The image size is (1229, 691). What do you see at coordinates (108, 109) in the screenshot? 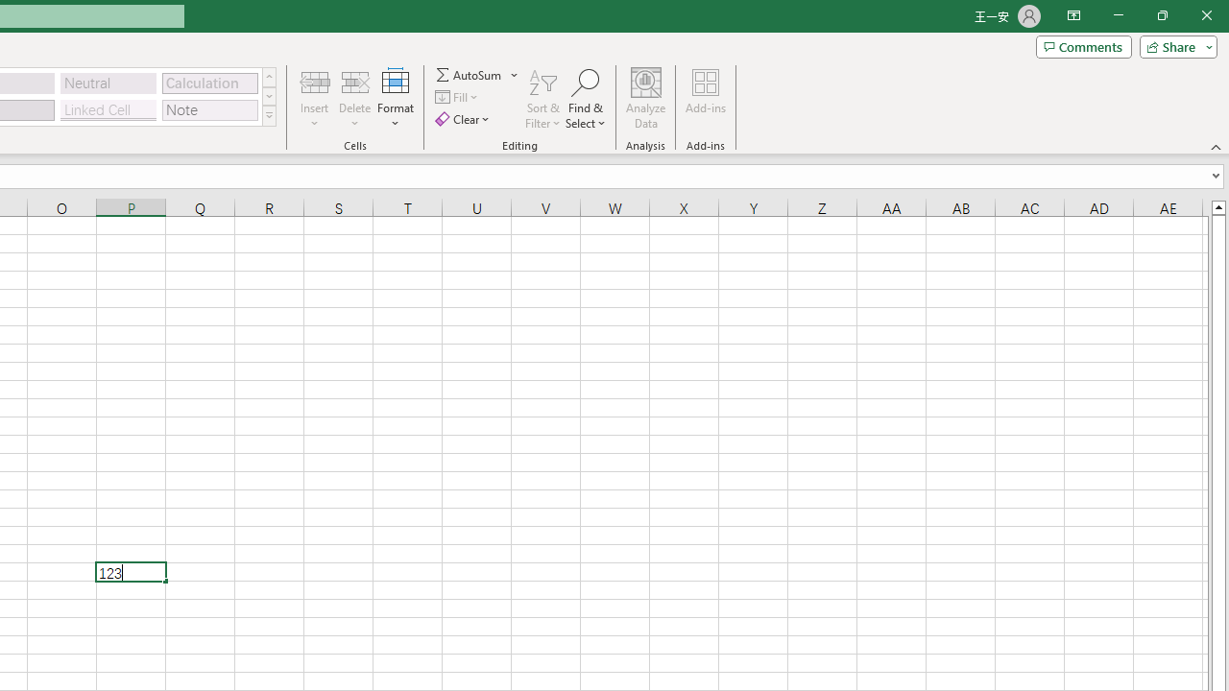
I see `'Linked Cell'` at bounding box center [108, 109].